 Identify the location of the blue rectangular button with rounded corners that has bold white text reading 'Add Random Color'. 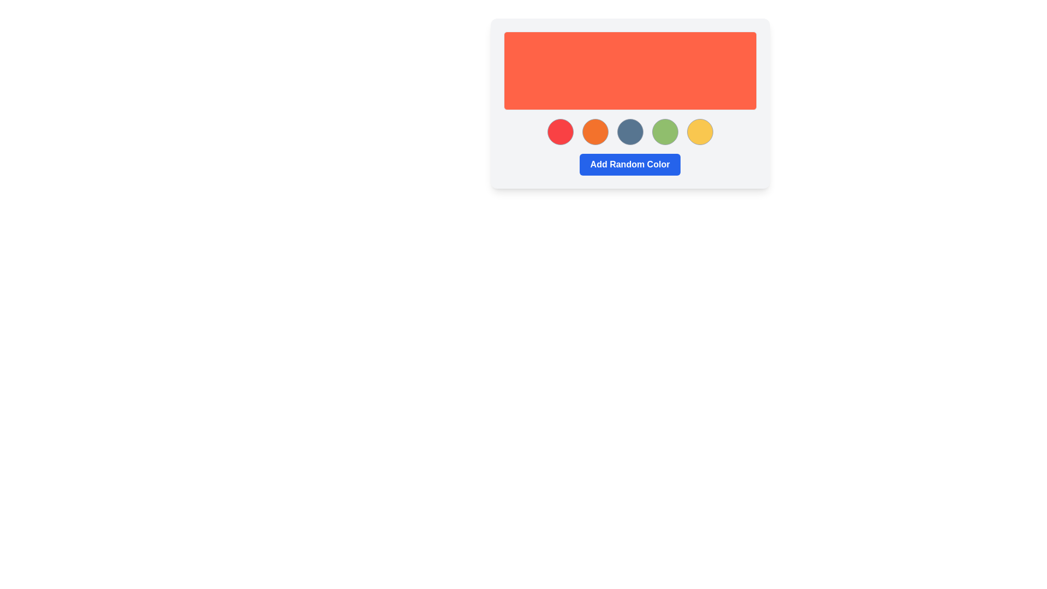
(630, 164).